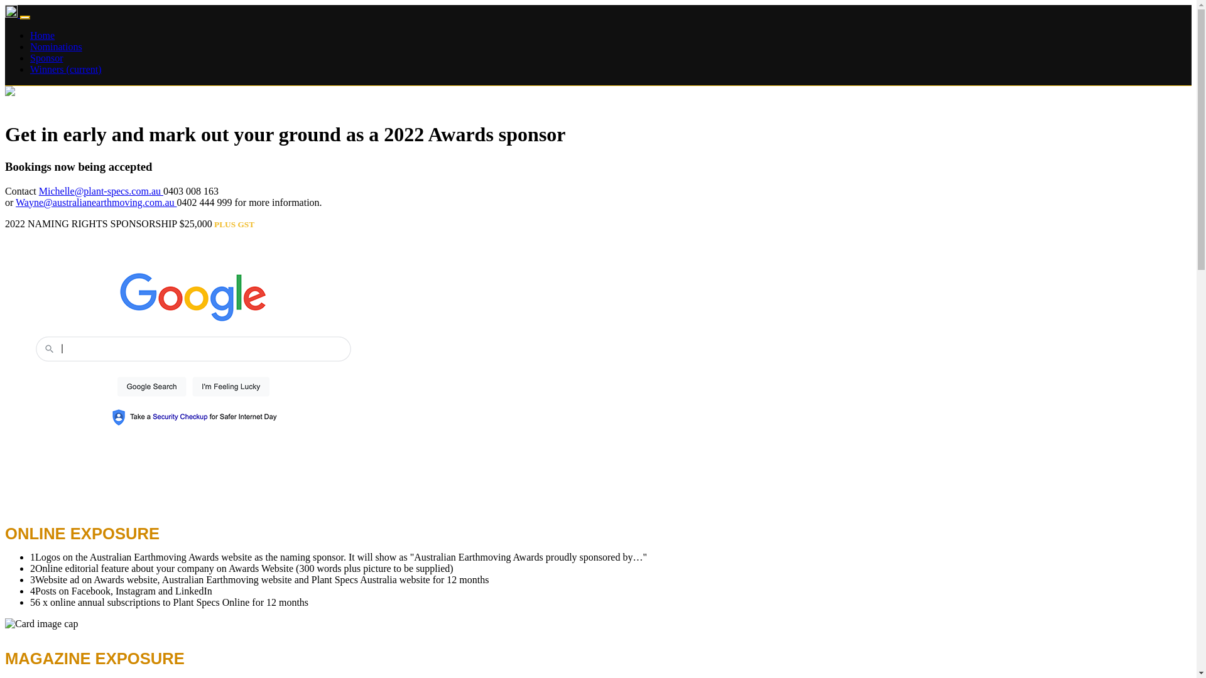  I want to click on 'Michelle@plant-specs.com.au', so click(39, 191).